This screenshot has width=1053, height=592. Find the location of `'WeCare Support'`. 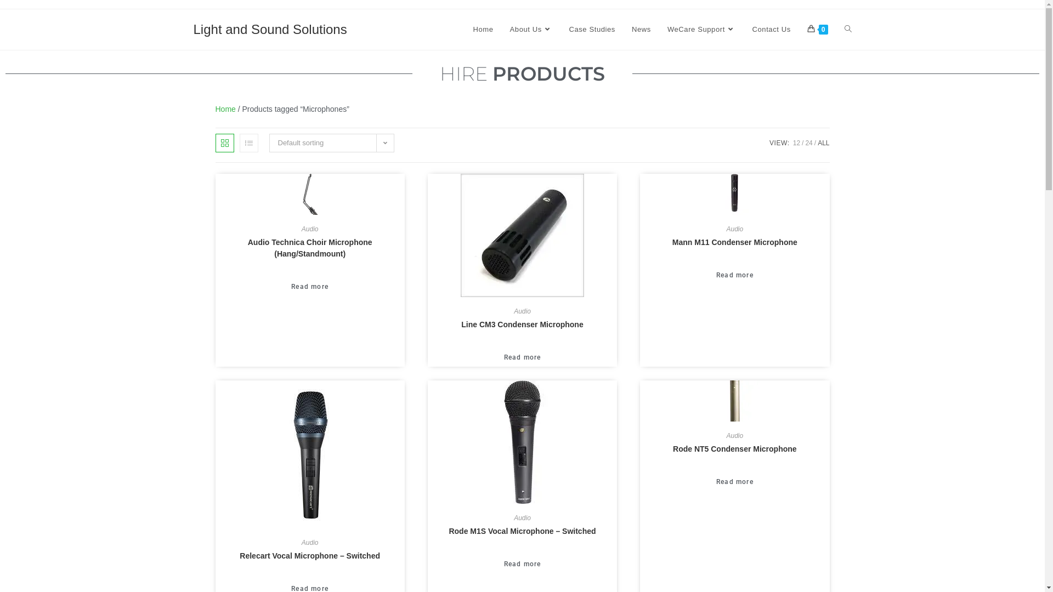

'WeCare Support' is located at coordinates (658, 29).